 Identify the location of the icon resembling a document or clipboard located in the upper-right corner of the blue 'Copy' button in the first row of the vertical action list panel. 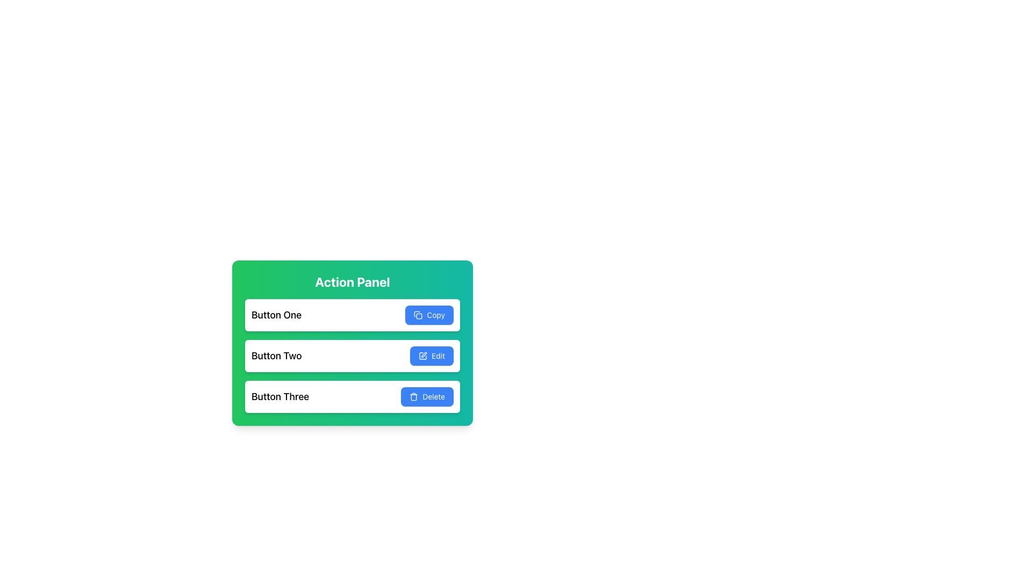
(417, 314).